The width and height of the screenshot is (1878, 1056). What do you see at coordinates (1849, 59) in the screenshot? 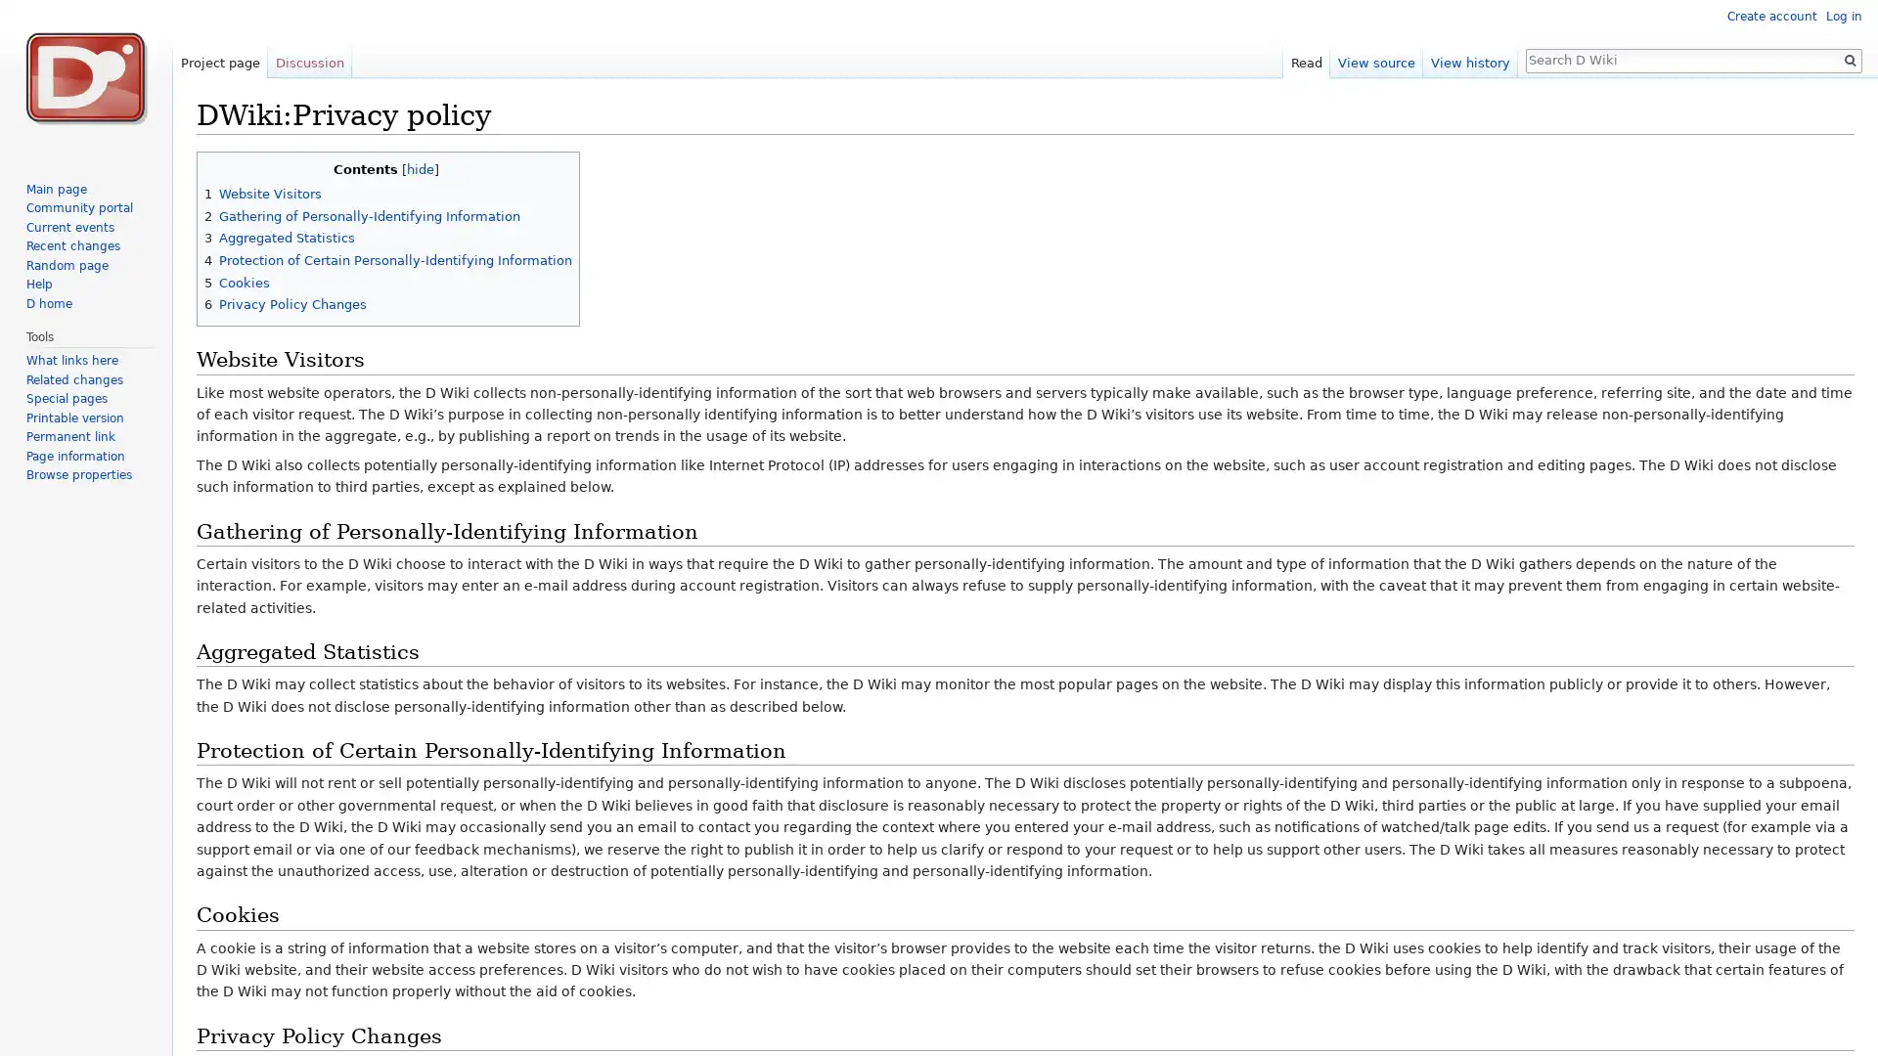
I see `Go` at bounding box center [1849, 59].